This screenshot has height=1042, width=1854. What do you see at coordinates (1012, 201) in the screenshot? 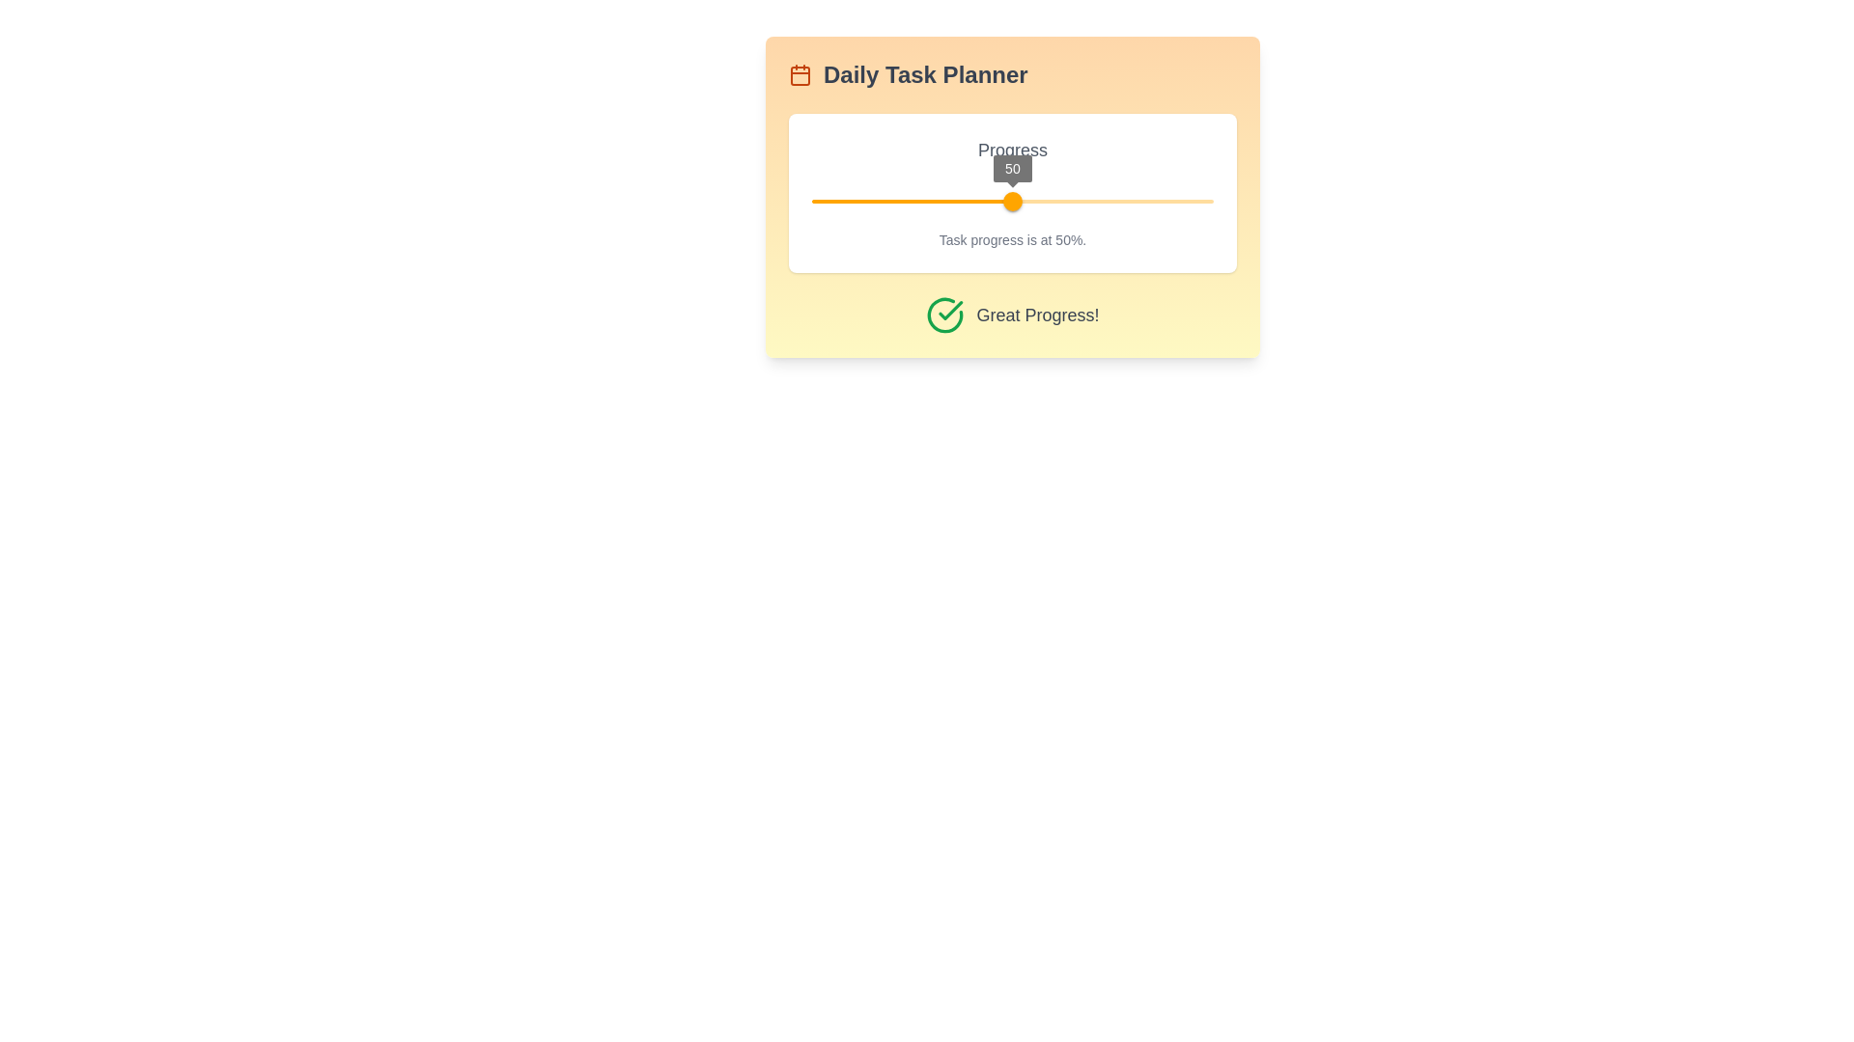
I see `the Slider rail which is a thin solid line in the middle of the slider's range background, located slightly below the slider thumb marked by the value '50'` at bounding box center [1012, 201].